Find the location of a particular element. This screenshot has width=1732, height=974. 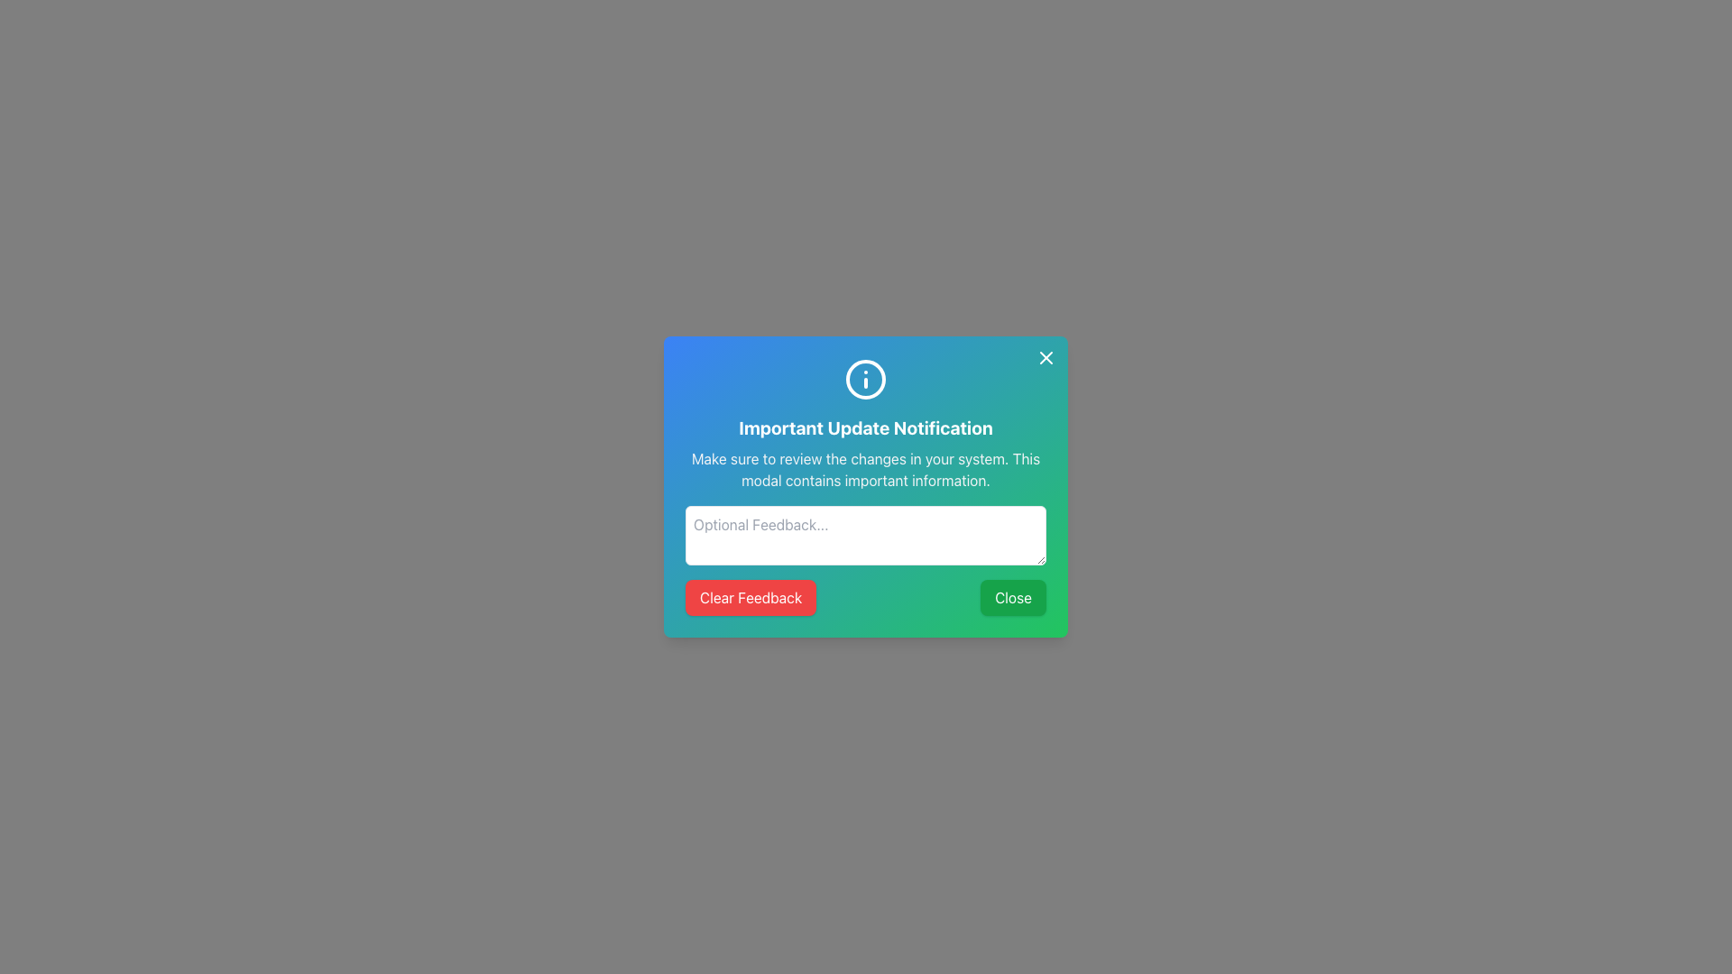

the close button located in the top-right corner of the modal window for interaction feedback is located at coordinates (1046, 358).